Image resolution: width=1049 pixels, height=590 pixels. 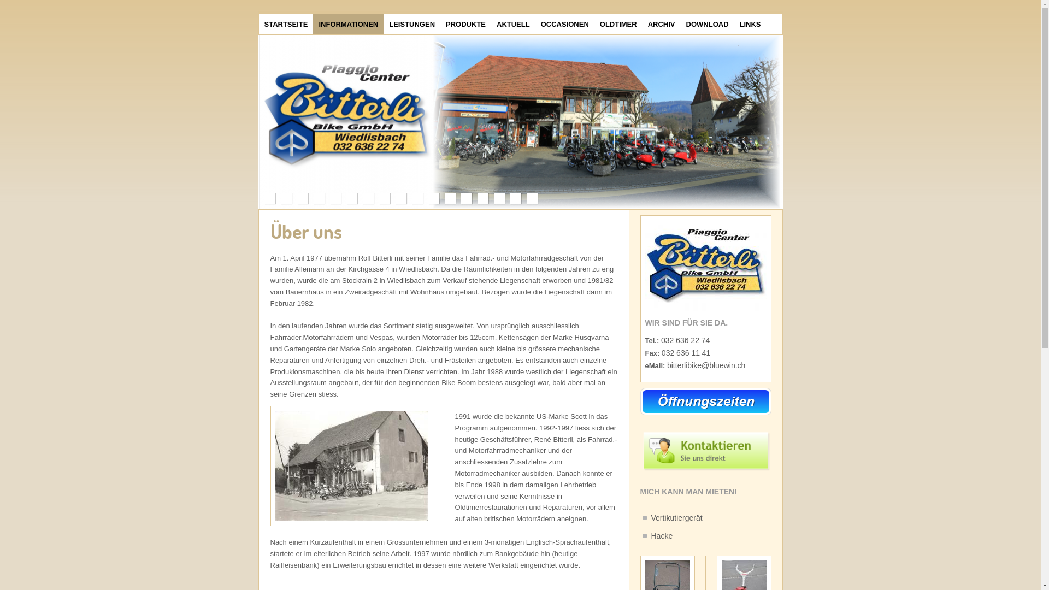 What do you see at coordinates (750, 24) in the screenshot?
I see `'LINKS'` at bounding box center [750, 24].